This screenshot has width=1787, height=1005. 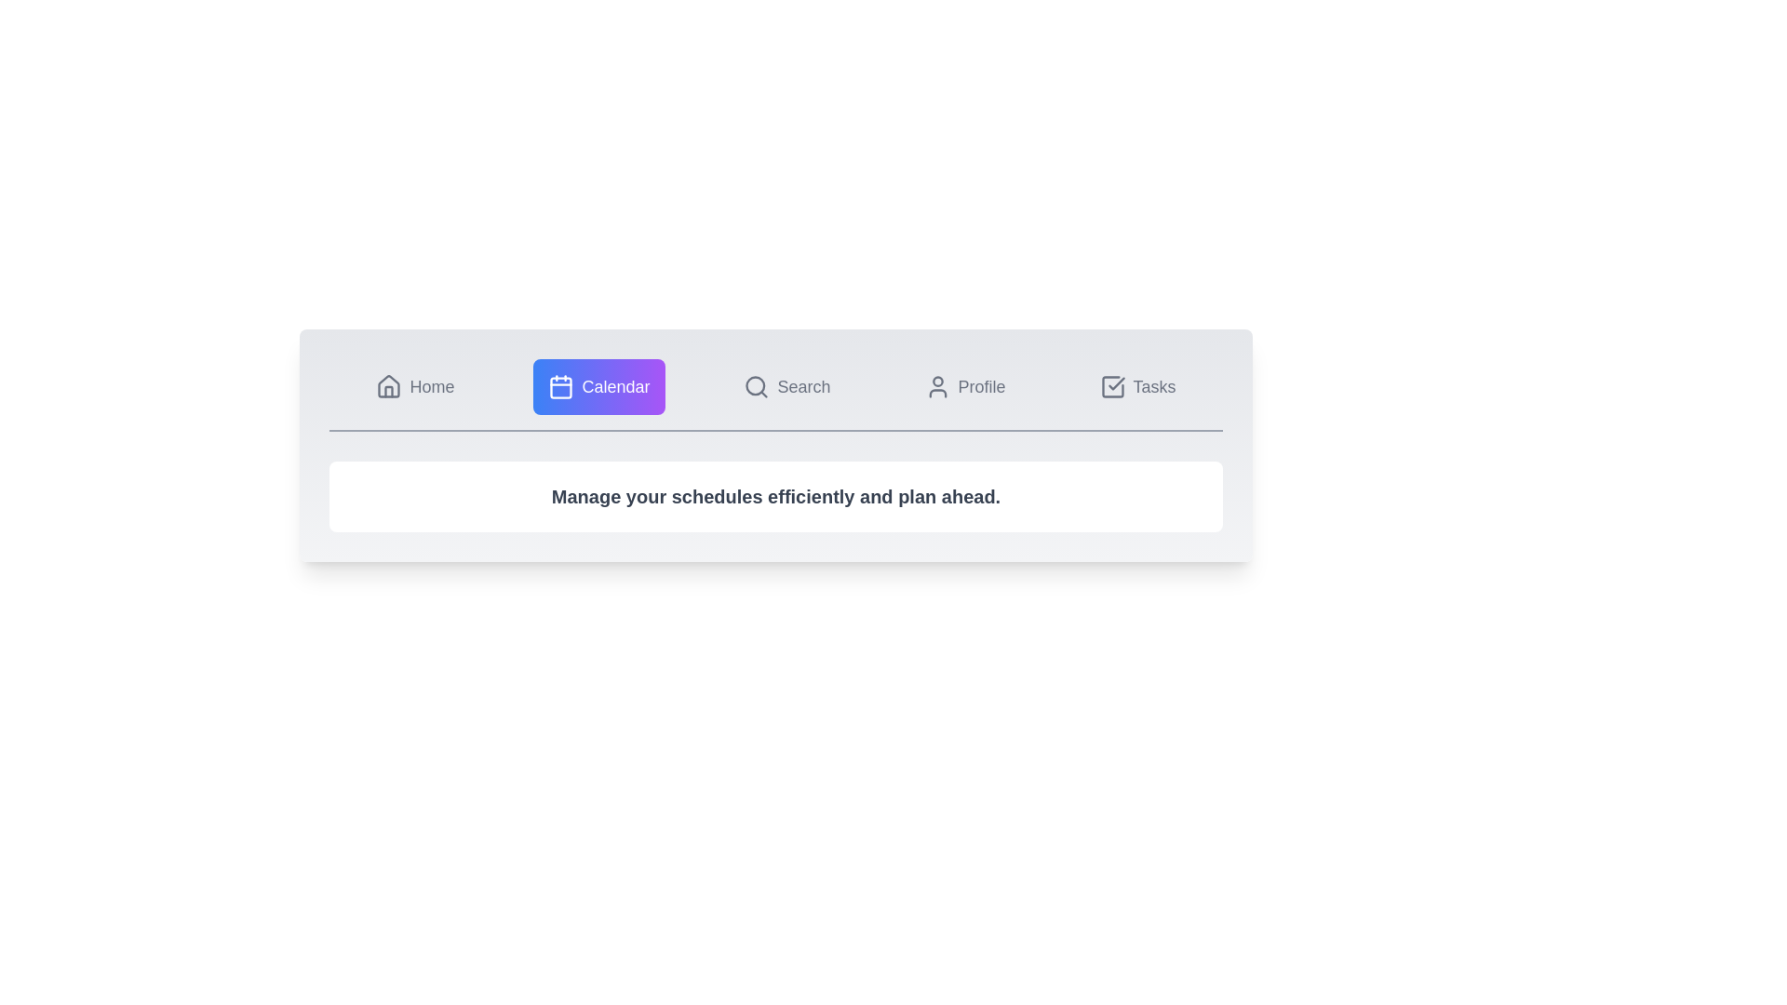 I want to click on the Calendar tab, so click(x=598, y=386).